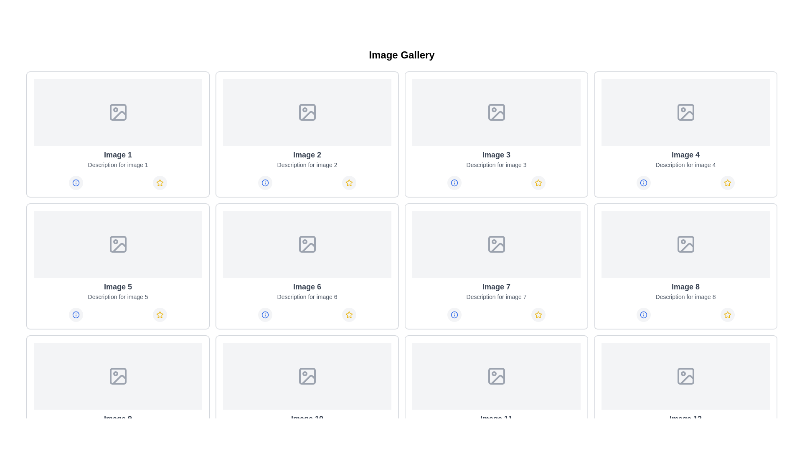 This screenshot has height=451, width=802. I want to click on the SVG graphic icon located in the bottom left corner of the 'Image 5' card in the second row of the grid layout, adjacent to the Info icon, so click(76, 314).